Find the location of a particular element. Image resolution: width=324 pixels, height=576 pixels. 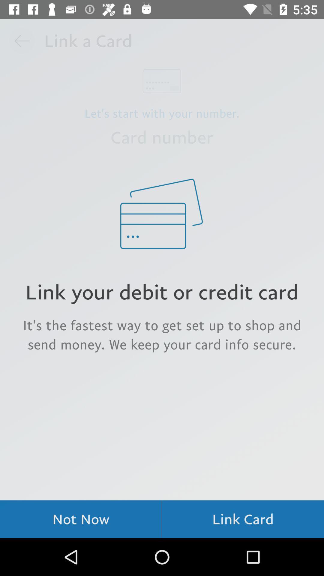

item at the bottom left corner is located at coordinates (80, 519).